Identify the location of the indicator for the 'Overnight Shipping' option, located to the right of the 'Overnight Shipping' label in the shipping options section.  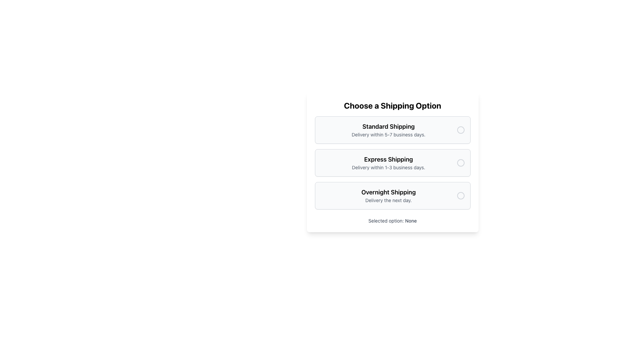
(460, 195).